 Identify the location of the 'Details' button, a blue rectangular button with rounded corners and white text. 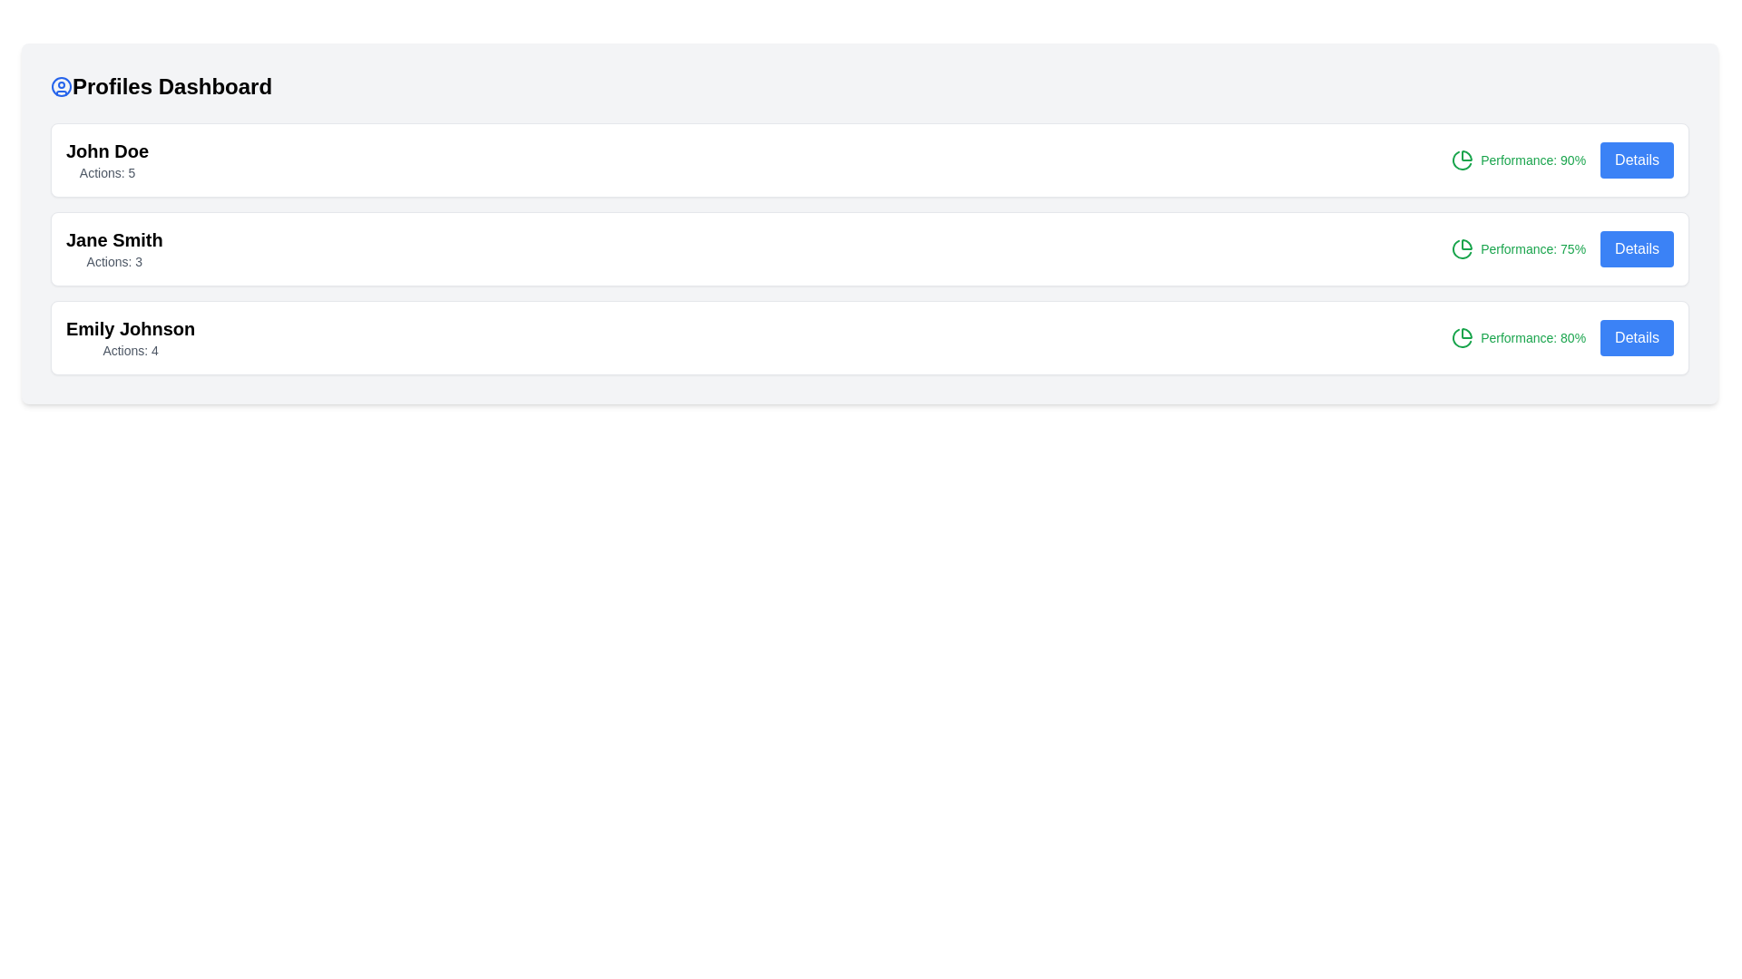
(1637, 160).